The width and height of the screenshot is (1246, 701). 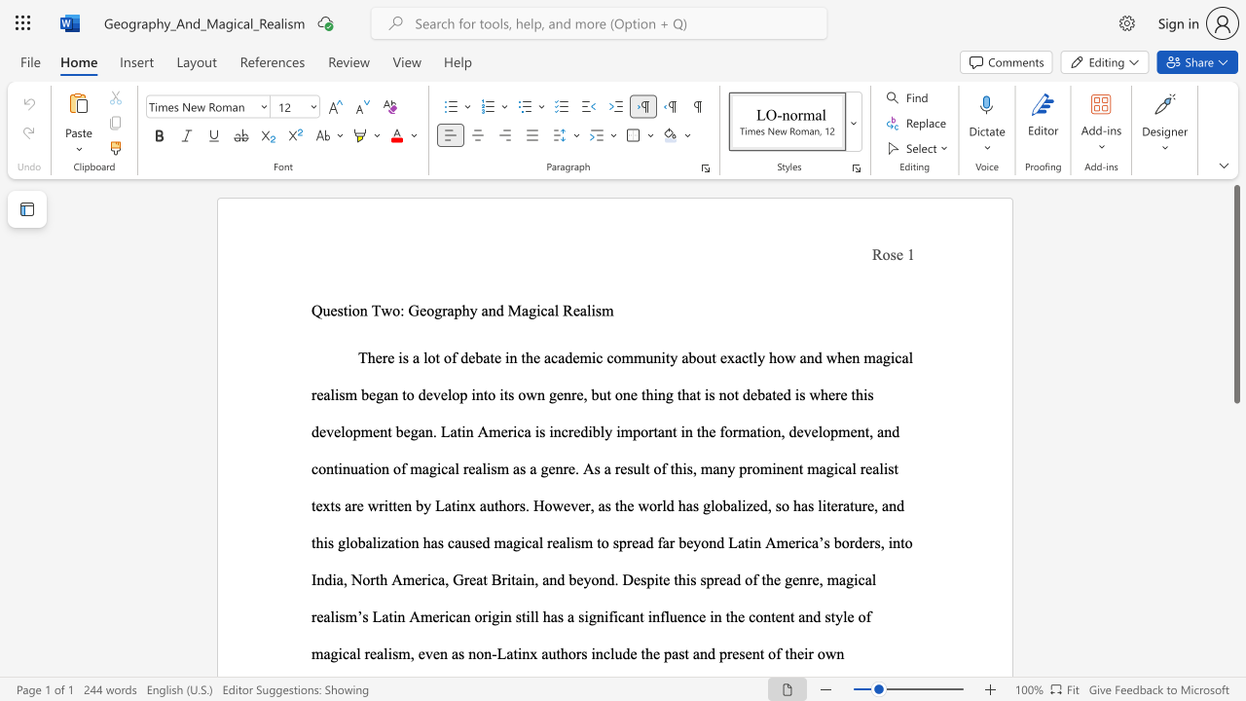 I want to click on the scrollbar on the right to move the page downward, so click(x=1235, y=555).